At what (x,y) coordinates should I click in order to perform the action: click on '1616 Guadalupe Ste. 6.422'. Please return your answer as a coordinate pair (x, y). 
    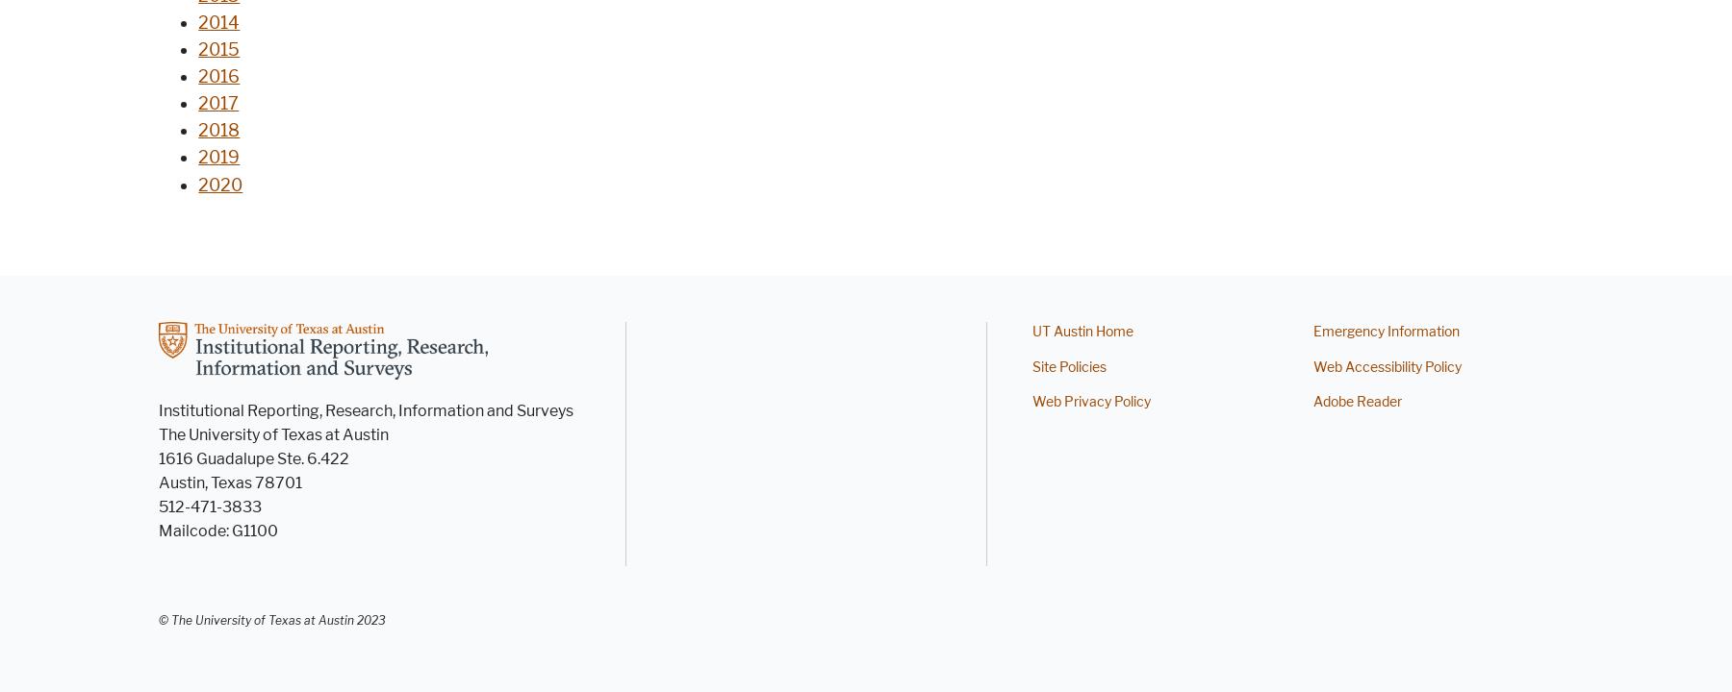
    Looking at the image, I should click on (159, 457).